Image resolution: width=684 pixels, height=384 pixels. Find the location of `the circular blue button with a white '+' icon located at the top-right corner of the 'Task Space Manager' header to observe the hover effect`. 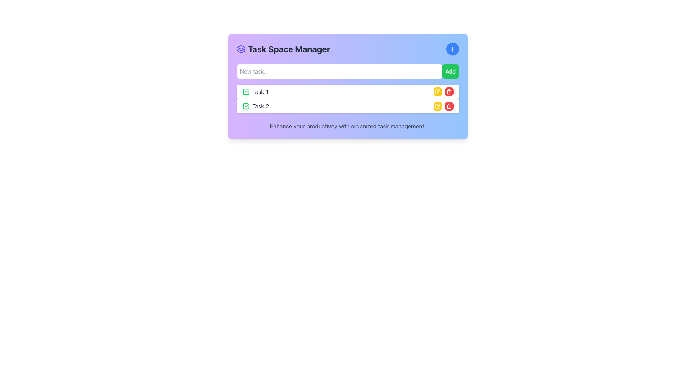

the circular blue button with a white '+' icon located at the top-right corner of the 'Task Space Manager' header to observe the hover effect is located at coordinates (452, 49).